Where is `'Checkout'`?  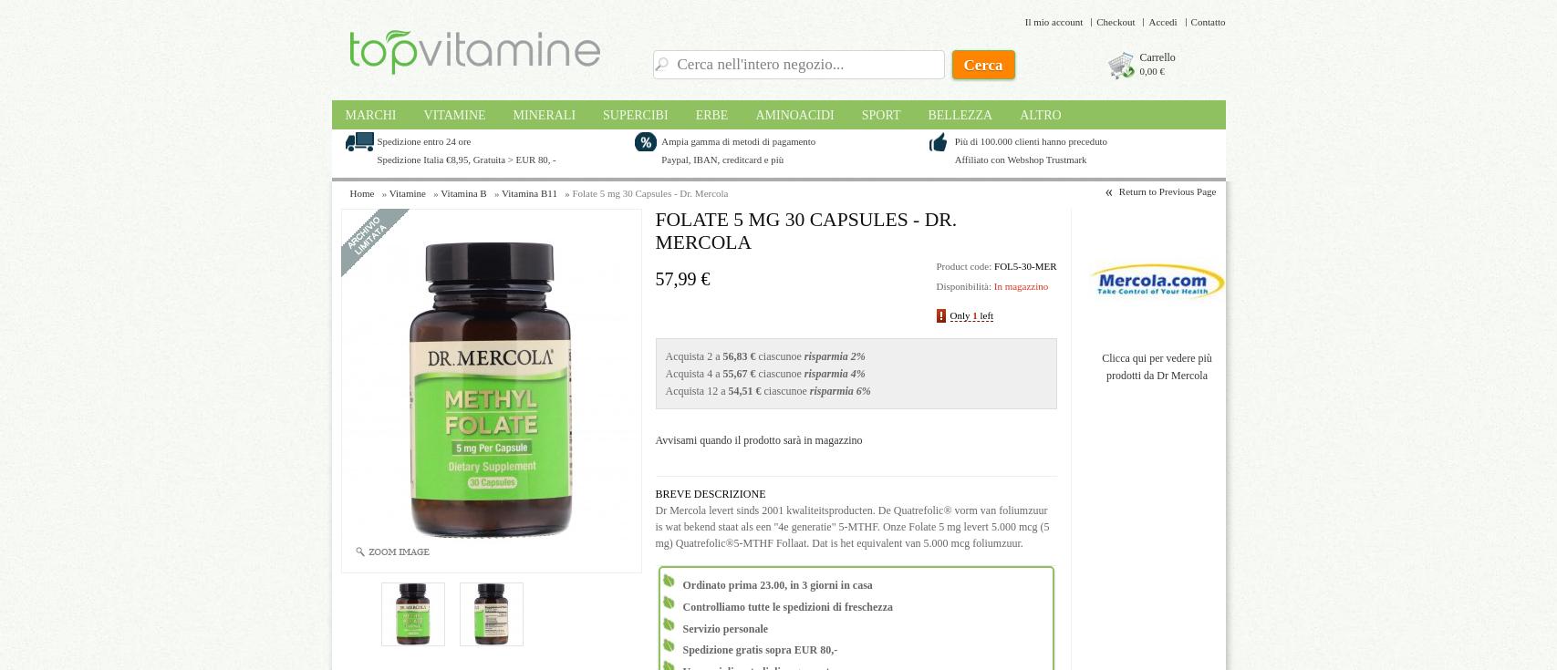
'Checkout' is located at coordinates (1095, 21).